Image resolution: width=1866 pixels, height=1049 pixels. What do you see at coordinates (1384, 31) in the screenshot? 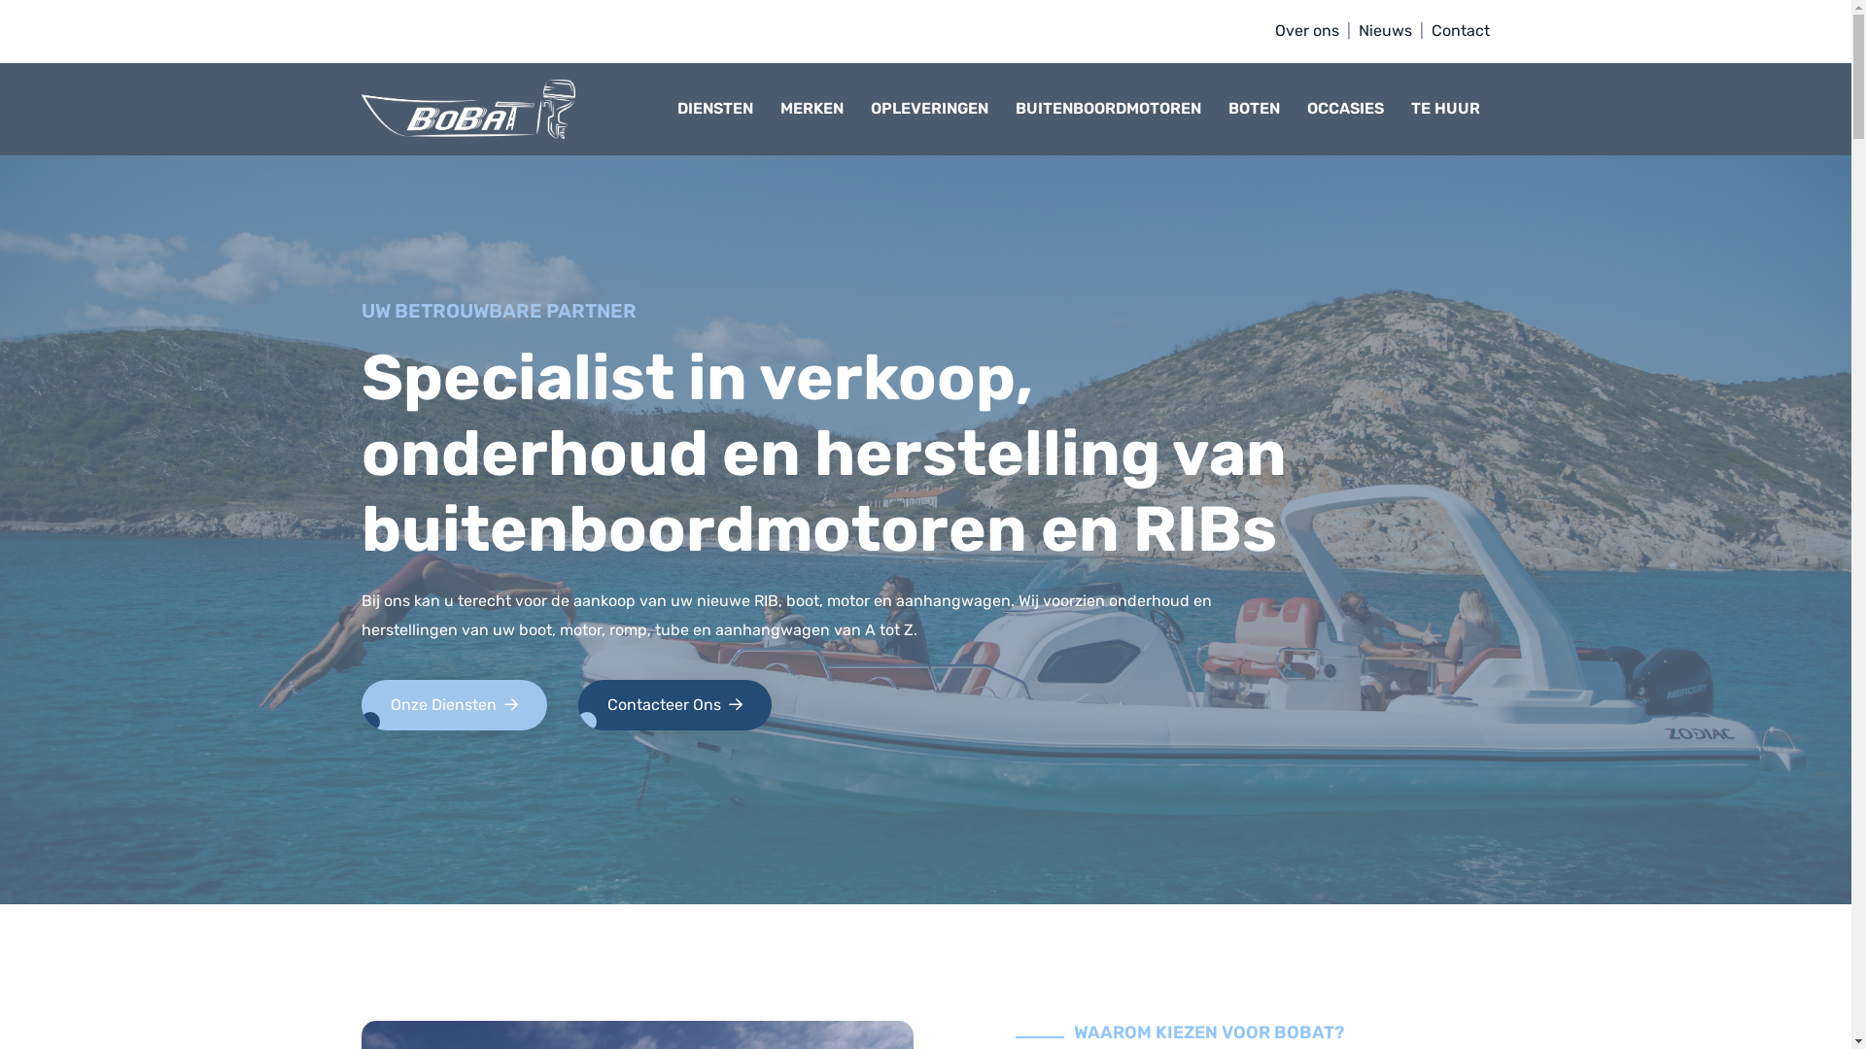
I see `'Nieuws'` at bounding box center [1384, 31].